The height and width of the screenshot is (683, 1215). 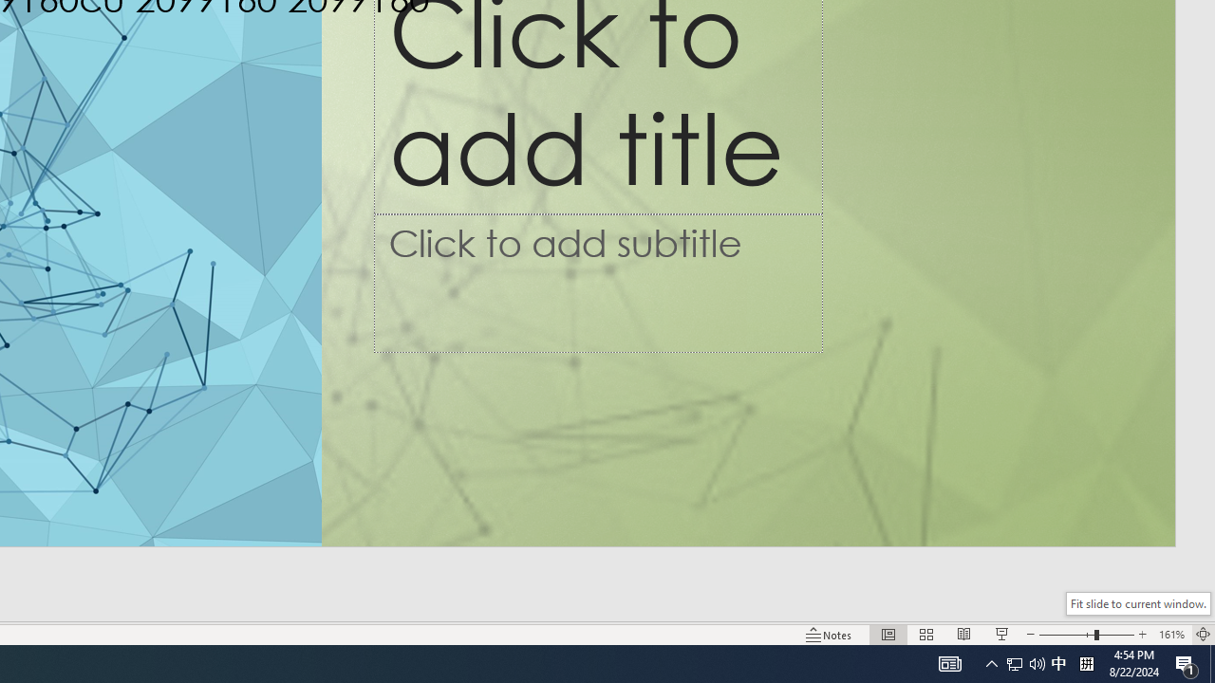 I want to click on 'Fit slide to current window.', so click(x=1138, y=603).